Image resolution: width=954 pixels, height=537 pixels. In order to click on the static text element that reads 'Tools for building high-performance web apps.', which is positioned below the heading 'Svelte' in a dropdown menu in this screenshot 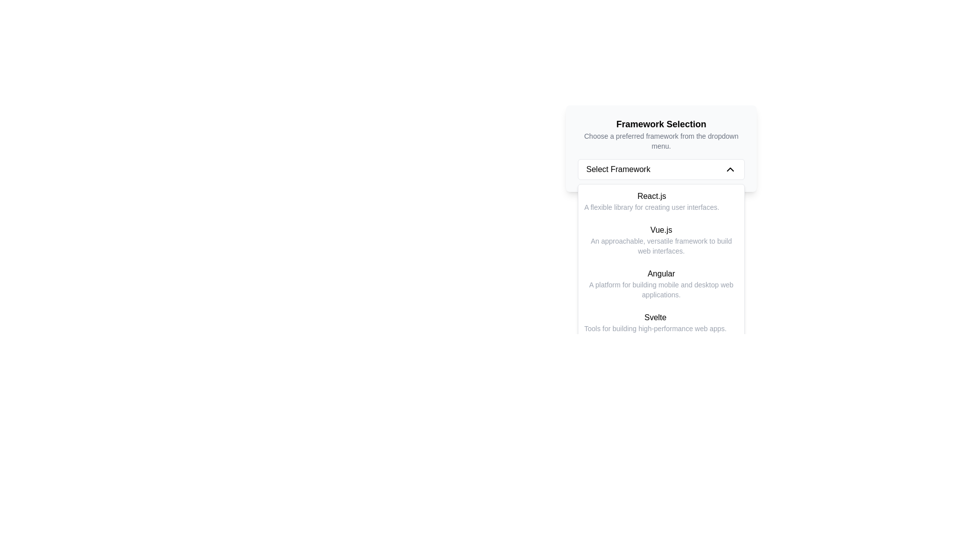, I will do `click(655, 328)`.